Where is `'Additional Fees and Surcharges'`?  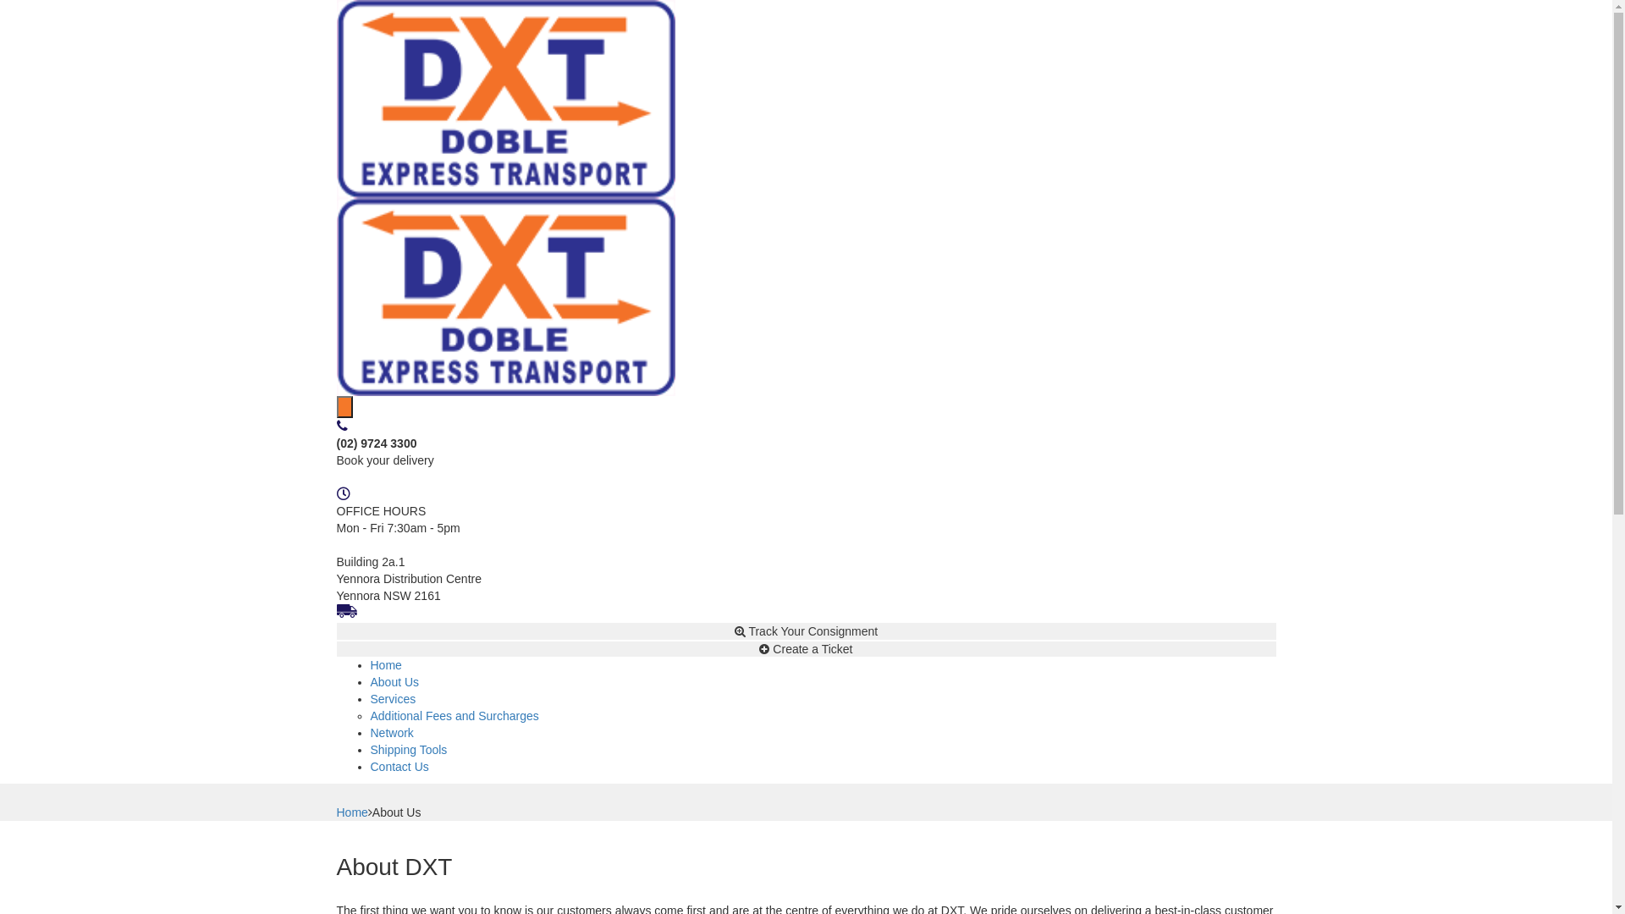
'Additional Fees and Surcharges' is located at coordinates (369, 715).